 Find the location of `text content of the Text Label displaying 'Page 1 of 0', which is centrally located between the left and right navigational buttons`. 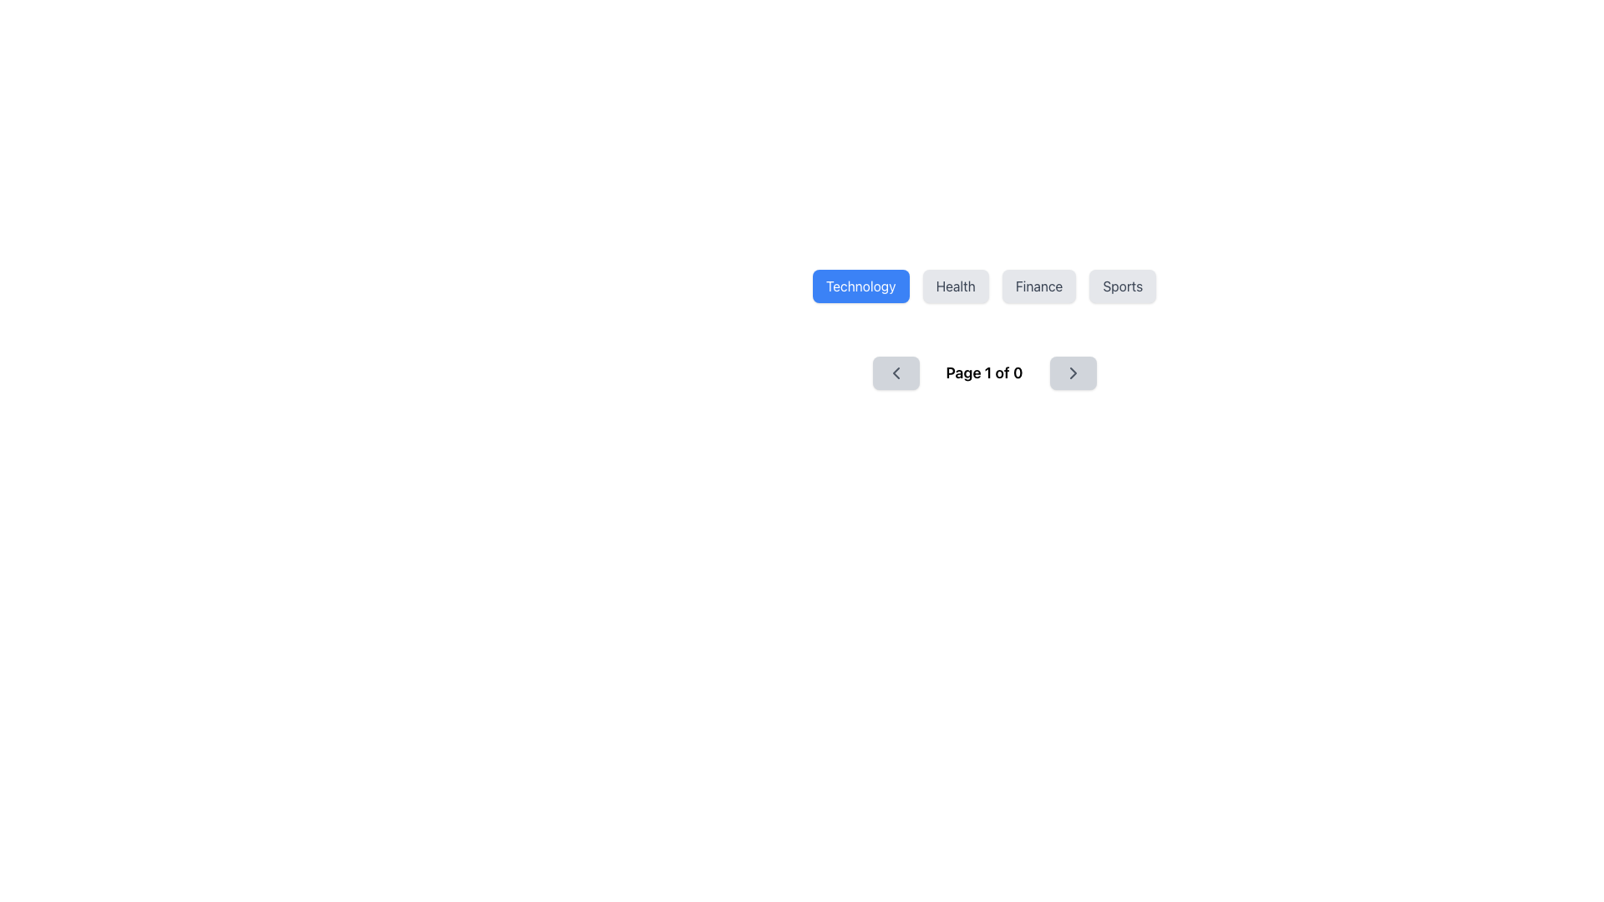

text content of the Text Label displaying 'Page 1 of 0', which is centrally located between the left and right navigational buttons is located at coordinates (984, 372).